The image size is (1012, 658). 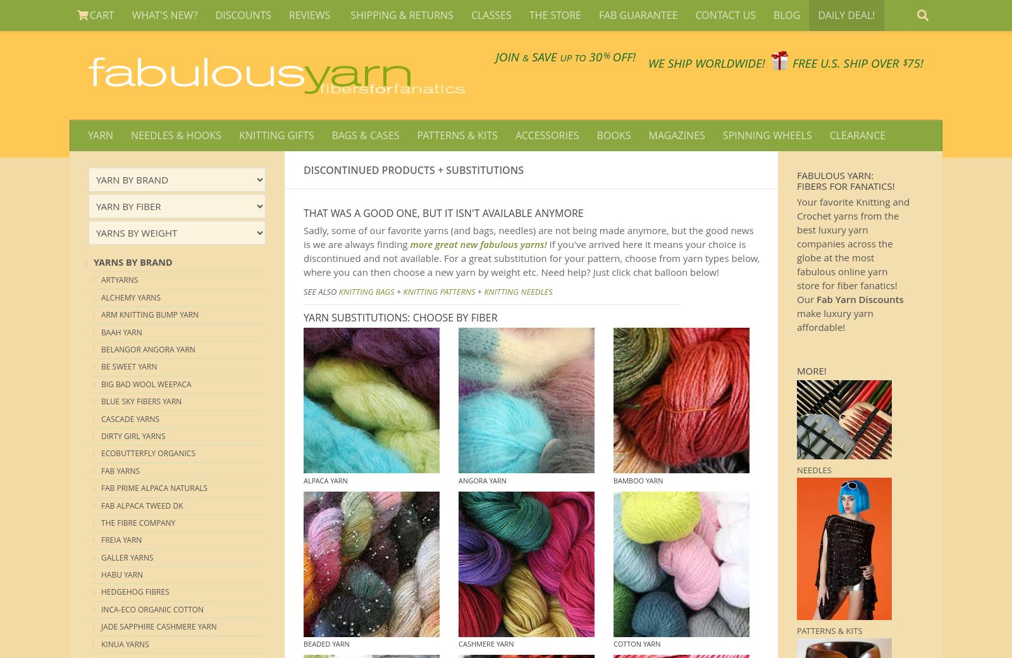 I want to click on 'See also', so click(x=320, y=292).